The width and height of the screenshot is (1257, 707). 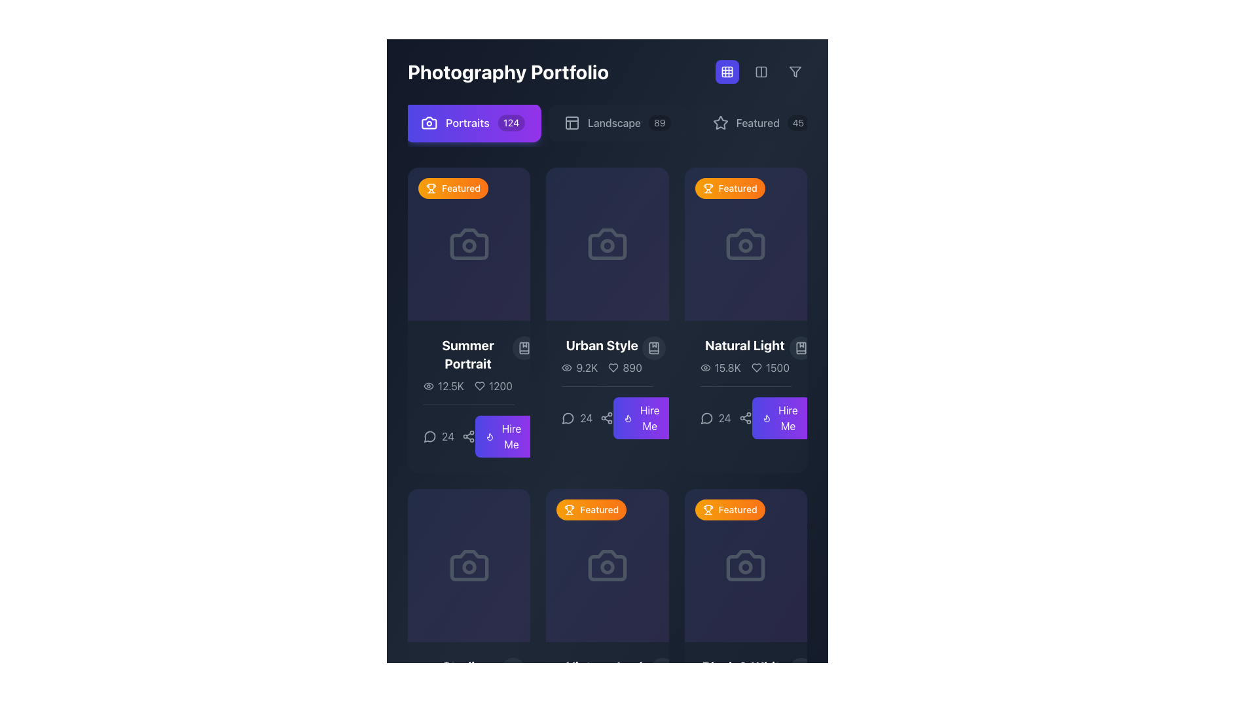 I want to click on the small circular decorative graphic element located inside the camera icon of the 'Summer Portrait' card in the first column of the grid layout, so click(x=469, y=245).